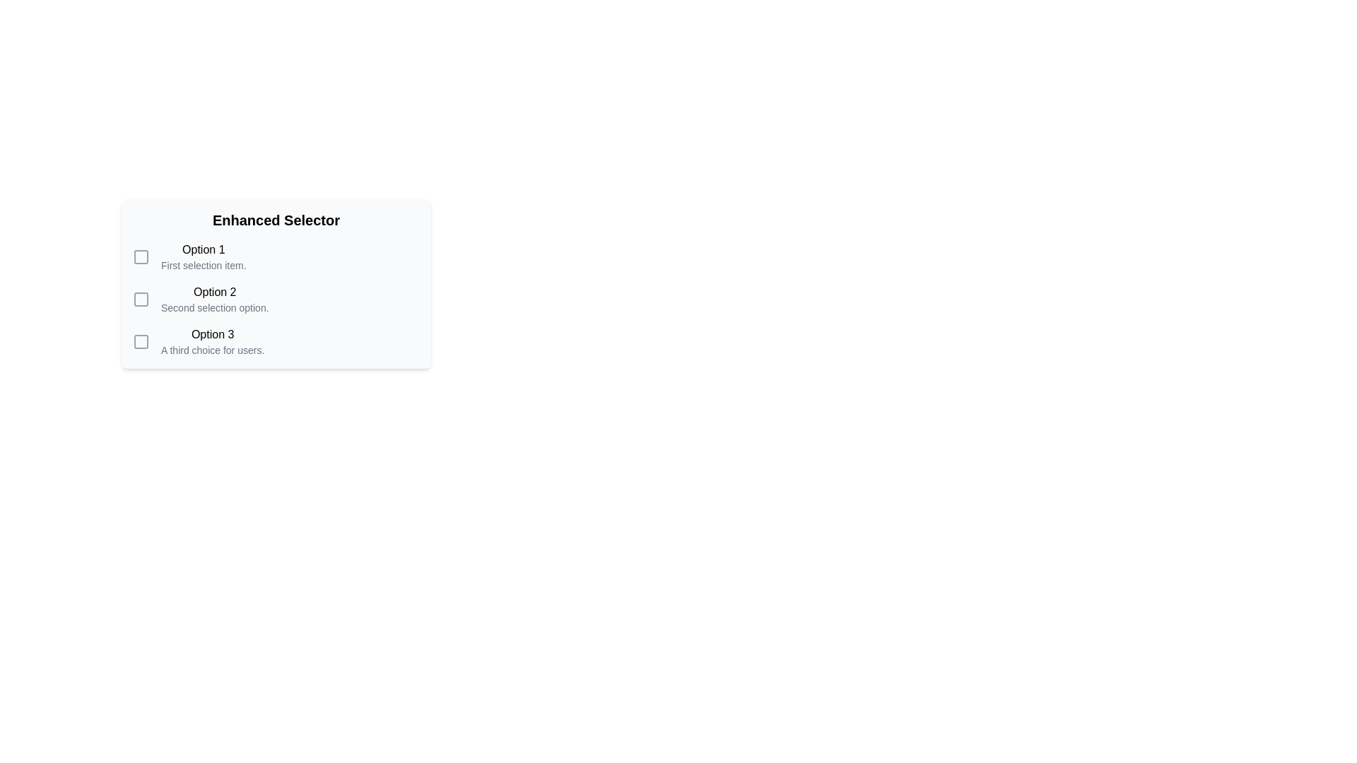 The width and height of the screenshot is (1357, 763). What do you see at coordinates (276, 341) in the screenshot?
I see `the checkbox labeled 'Option 3'` at bounding box center [276, 341].